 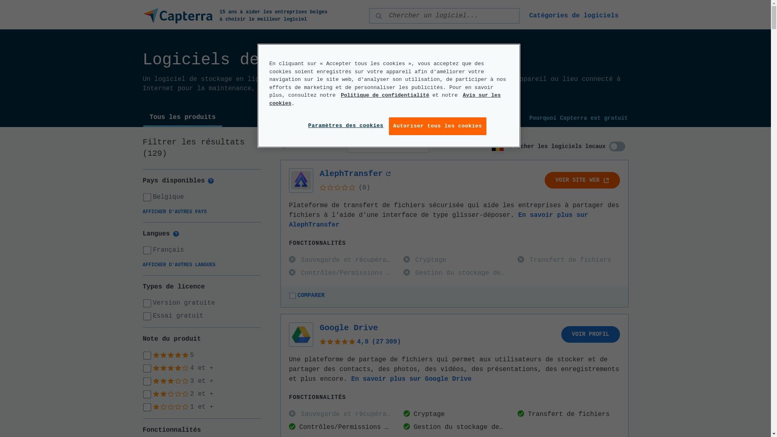 I want to click on 'Google Drive', so click(x=349, y=328).